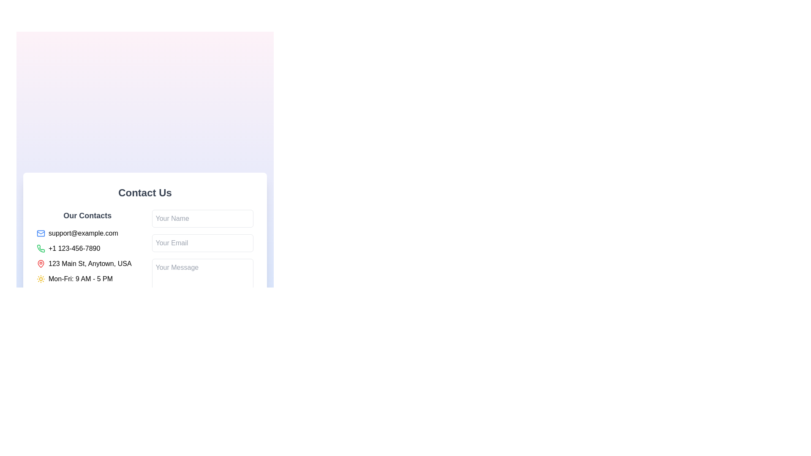 This screenshot has height=456, width=811. I want to click on the static text element displaying the phone number '+1 123-456-7890' with the green phone icon, which is the second item in the list of contact details, so click(87, 248).